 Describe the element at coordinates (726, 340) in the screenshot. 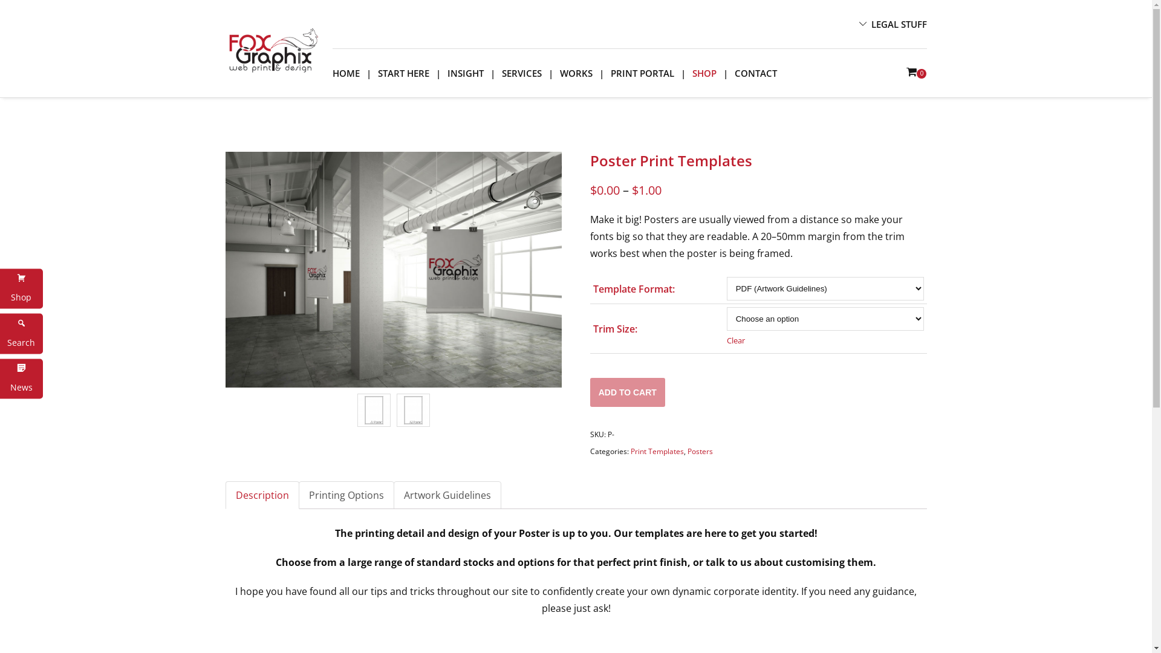

I see `'Clear'` at that location.